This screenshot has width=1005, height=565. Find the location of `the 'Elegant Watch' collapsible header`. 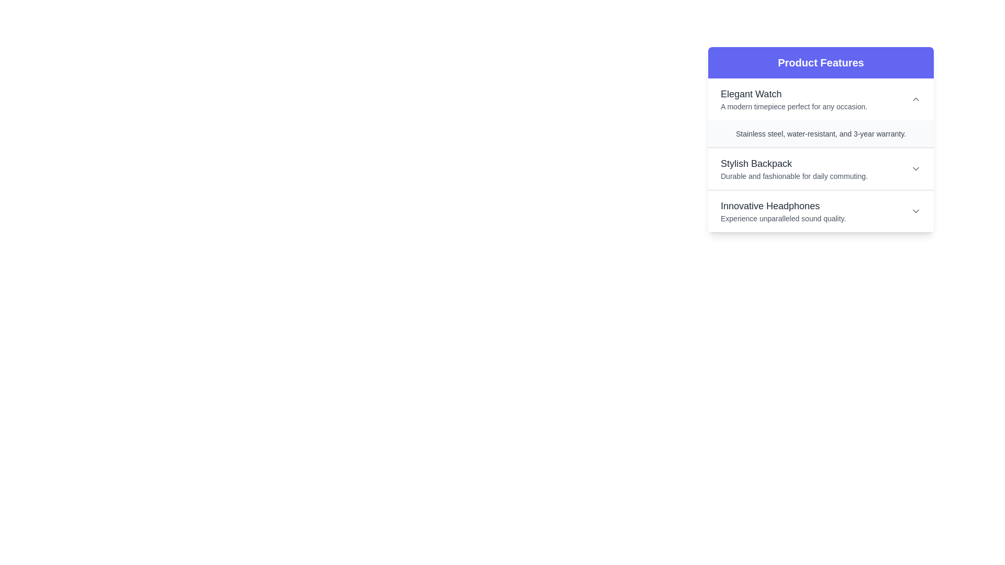

the 'Elegant Watch' collapsible header is located at coordinates (820, 99).